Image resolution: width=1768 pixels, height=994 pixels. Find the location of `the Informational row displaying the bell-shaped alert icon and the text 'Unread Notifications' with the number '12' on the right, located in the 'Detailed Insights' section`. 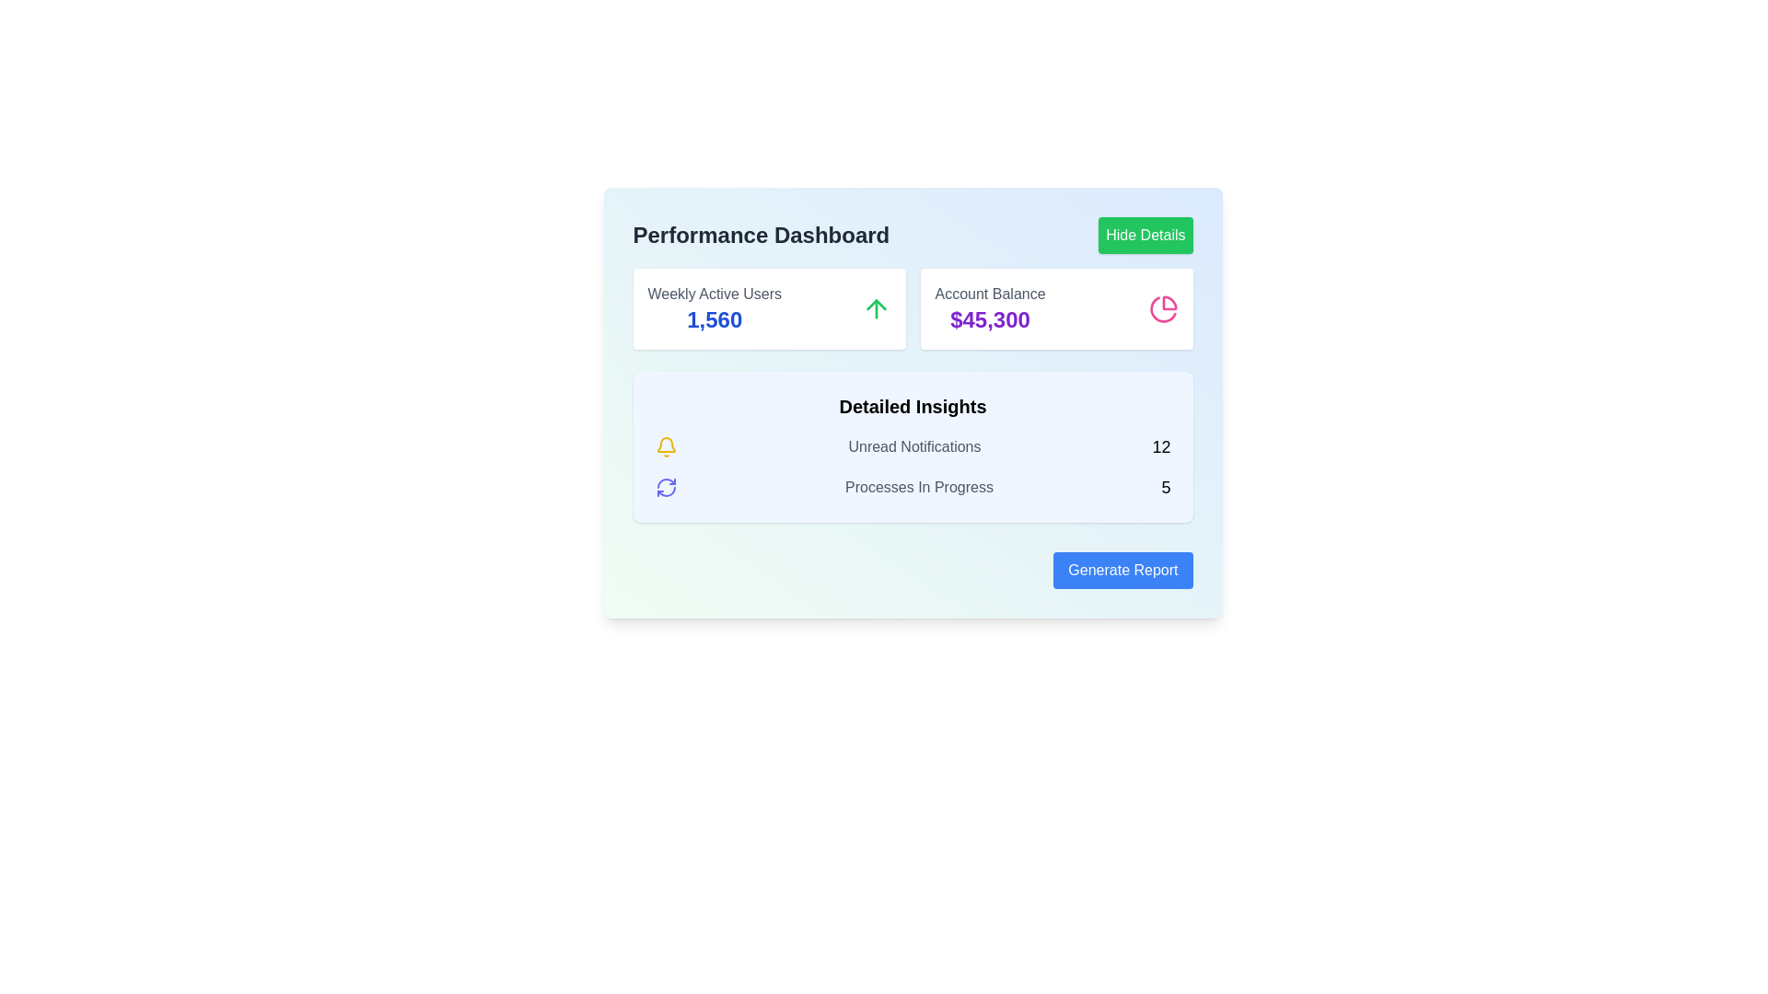

the Informational row displaying the bell-shaped alert icon and the text 'Unread Notifications' with the number '12' on the right, located in the 'Detailed Insights' section is located at coordinates (913, 447).